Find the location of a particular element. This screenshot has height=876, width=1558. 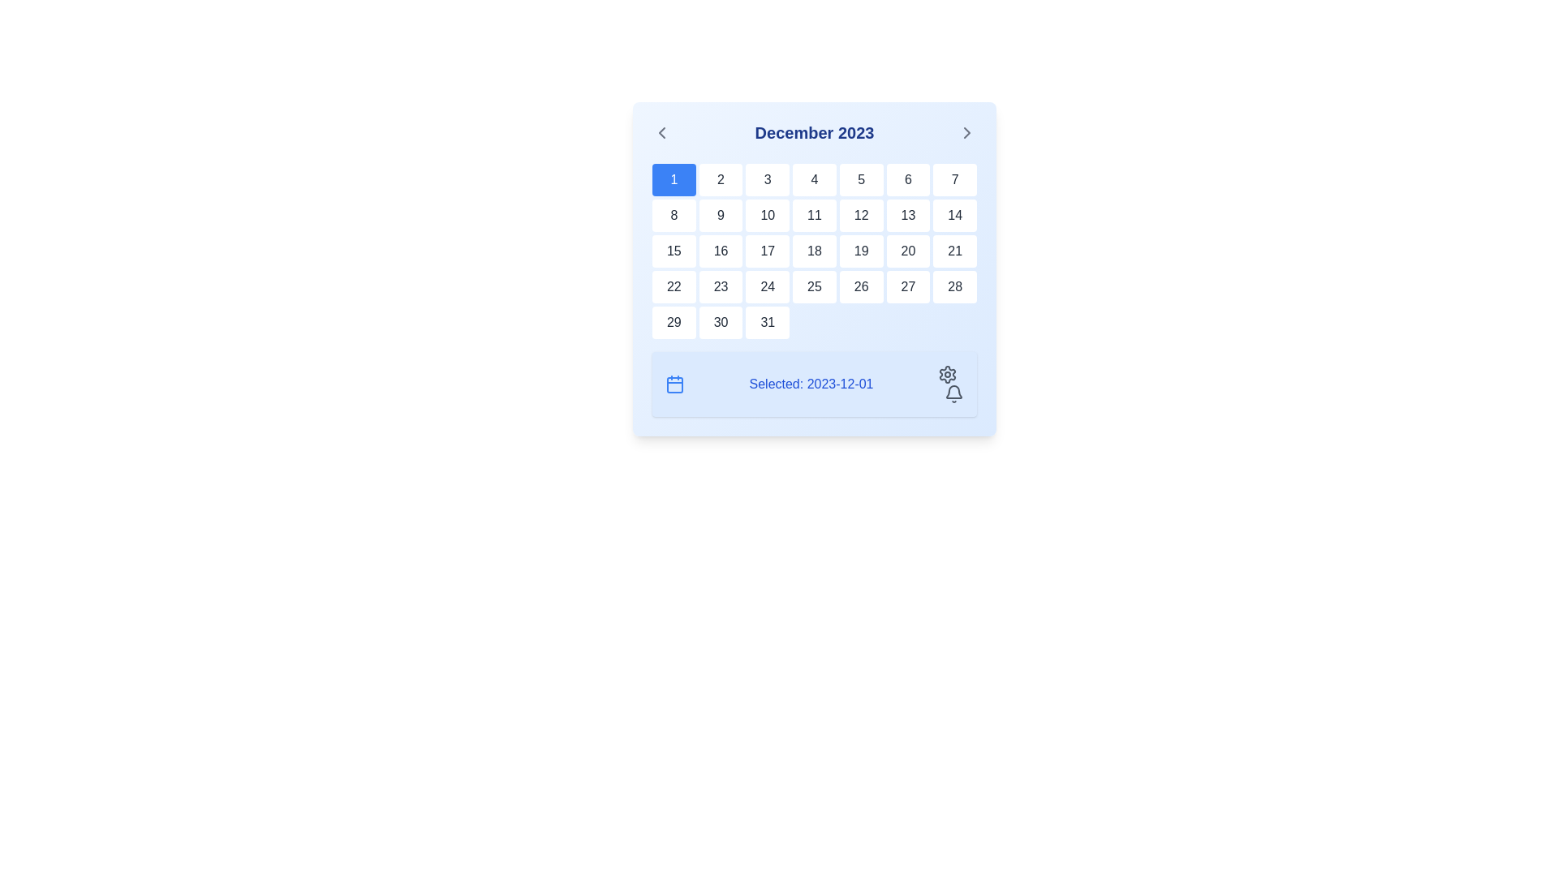

the navigation icon located at the top-right corner of the calendar component next to the month title ('December 2023') is located at coordinates (966, 132).